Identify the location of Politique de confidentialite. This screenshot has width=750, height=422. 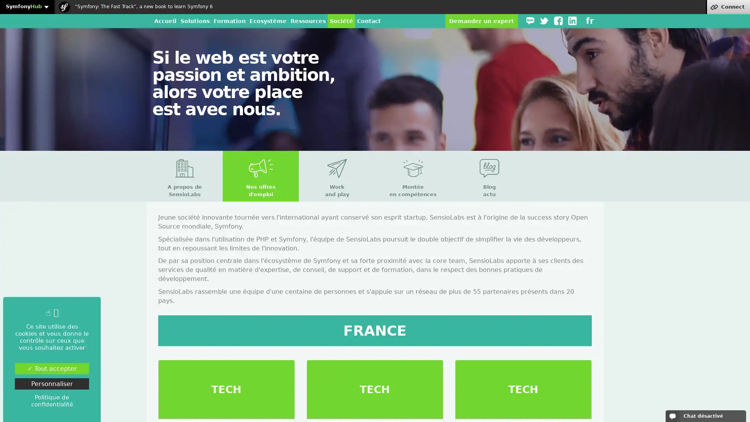
(52, 401).